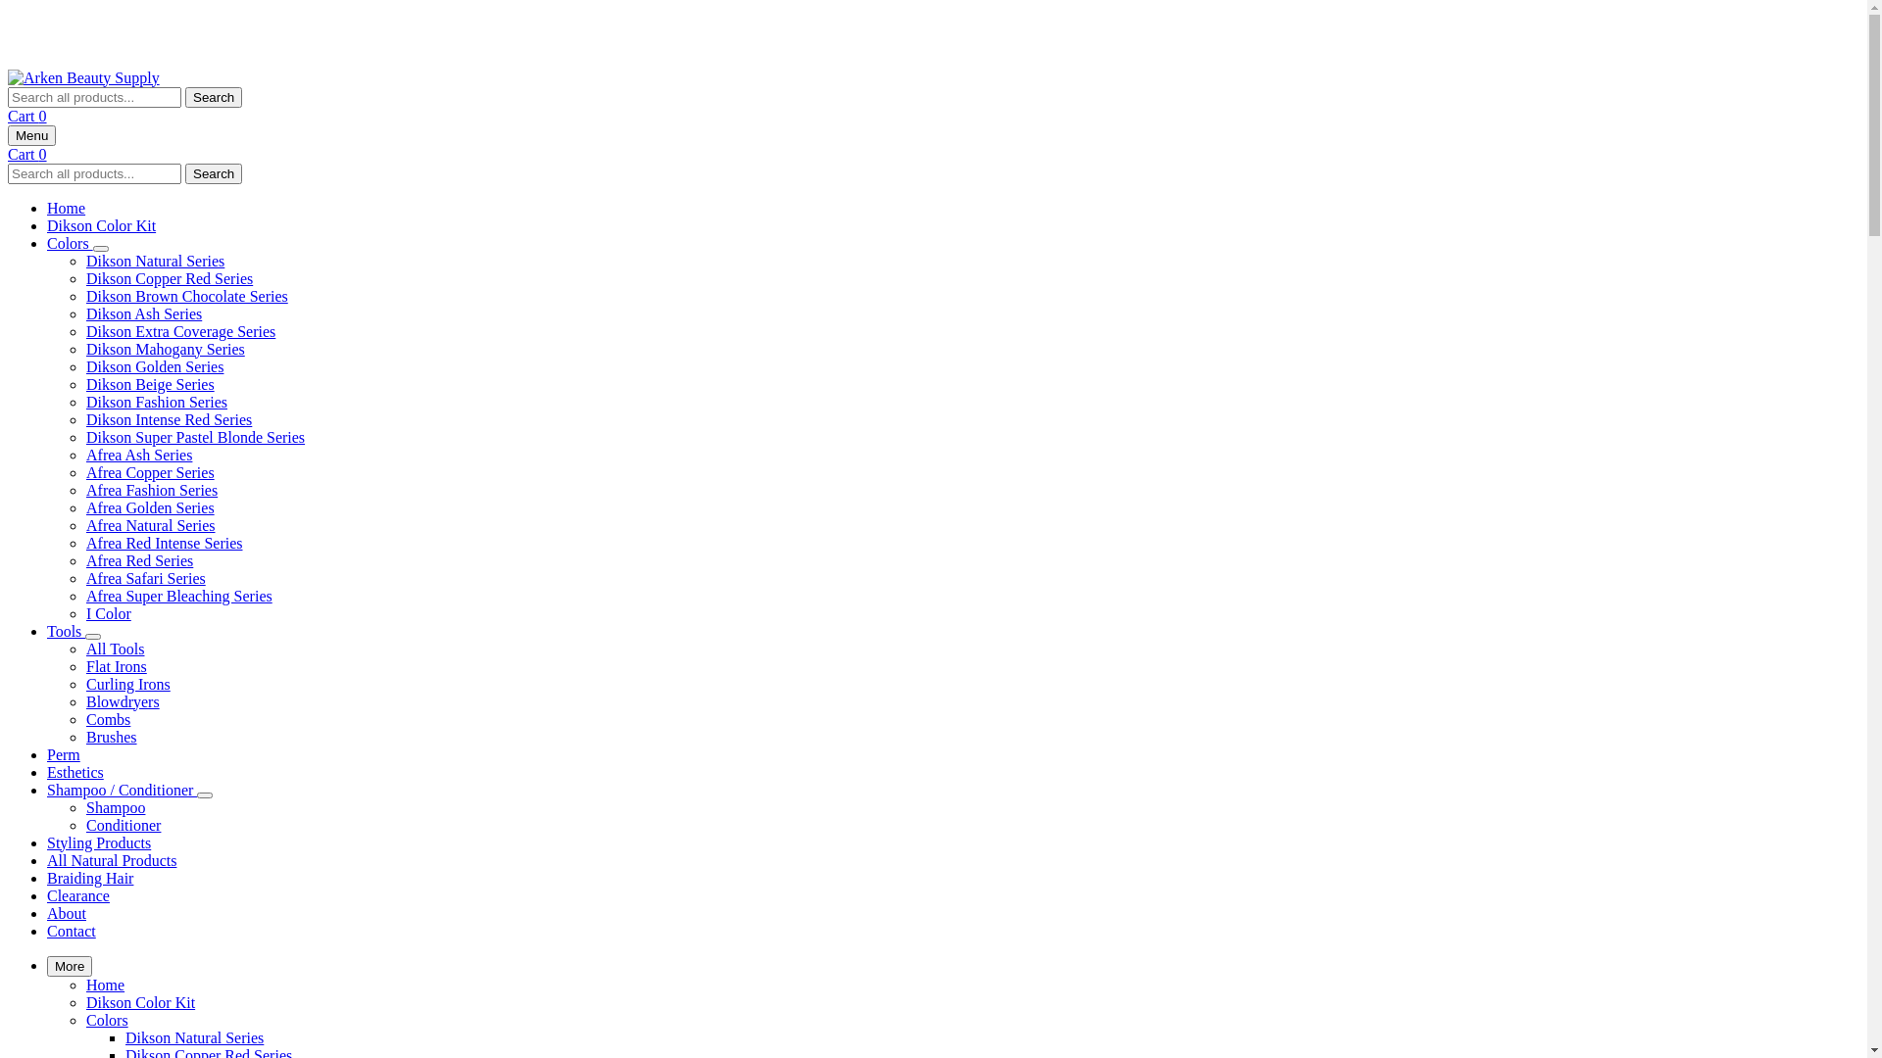 The image size is (1882, 1058). I want to click on 'Cart 0', so click(27, 116).